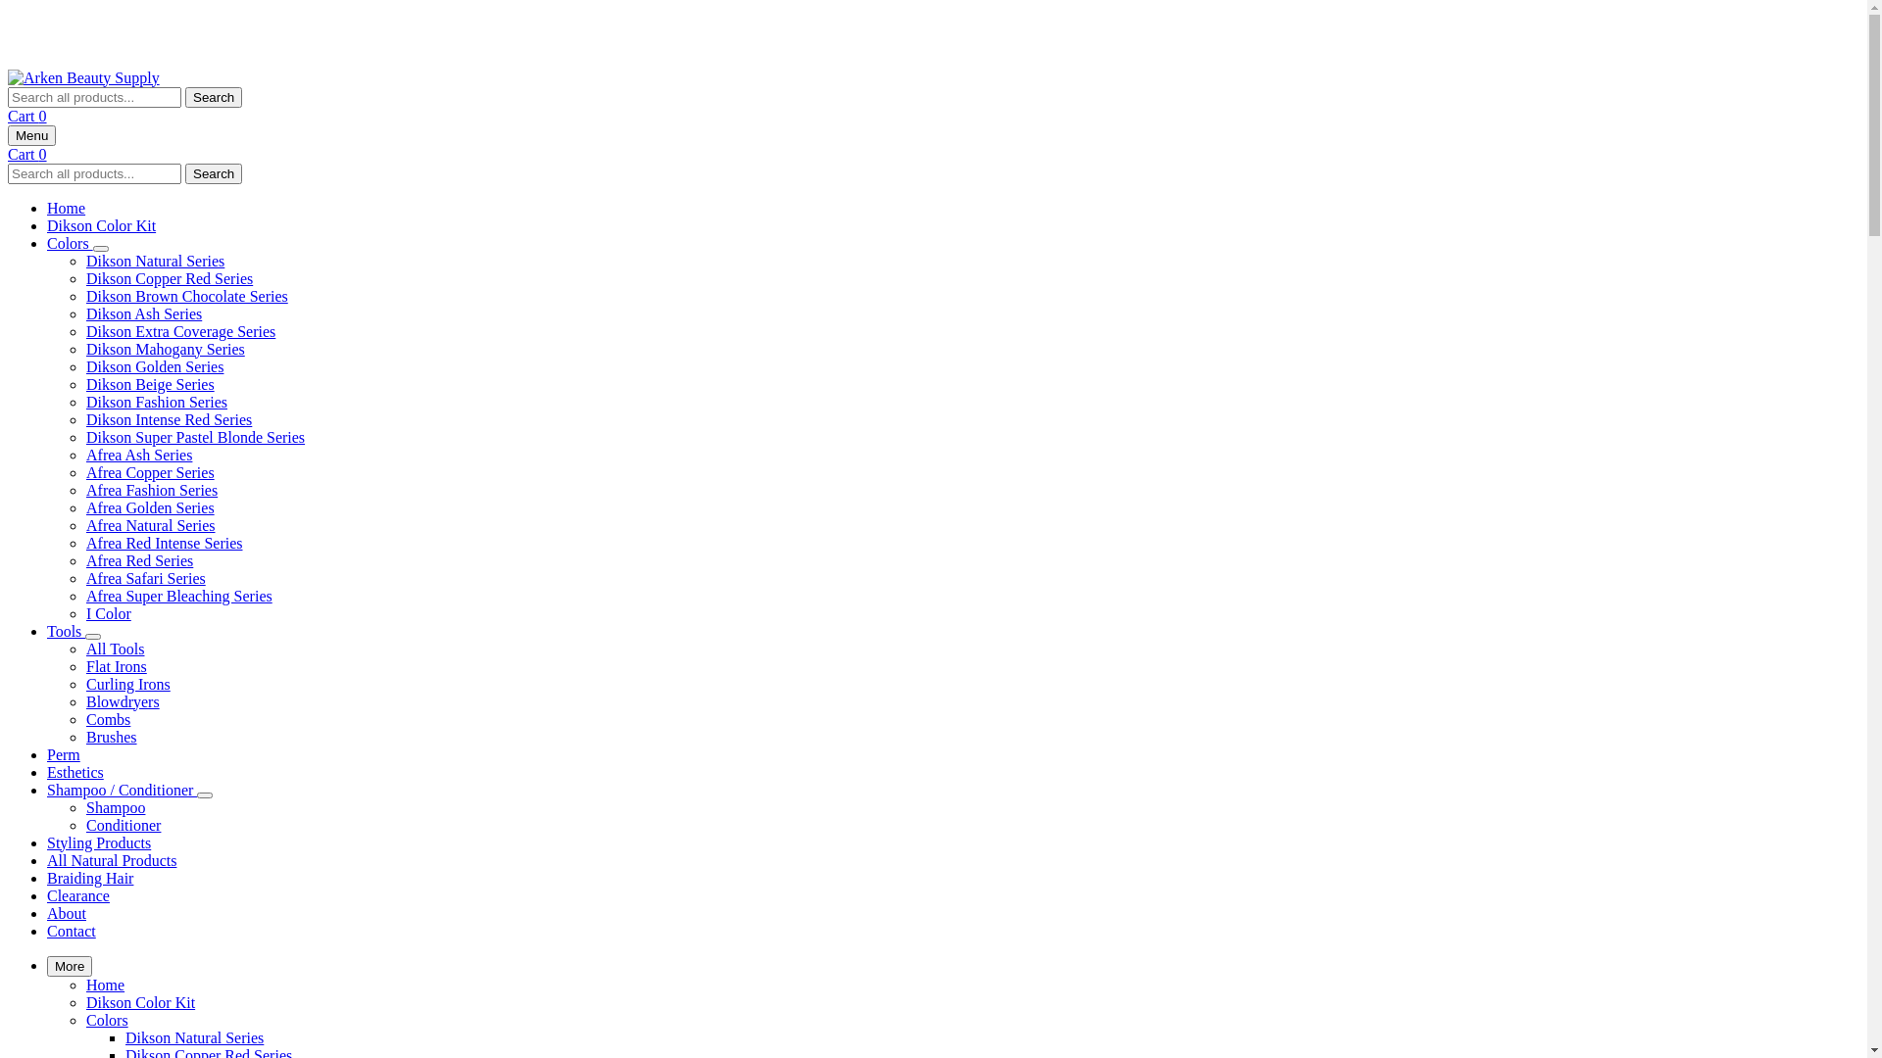 The image size is (1882, 1058). I want to click on 'Cart 0', so click(27, 116).